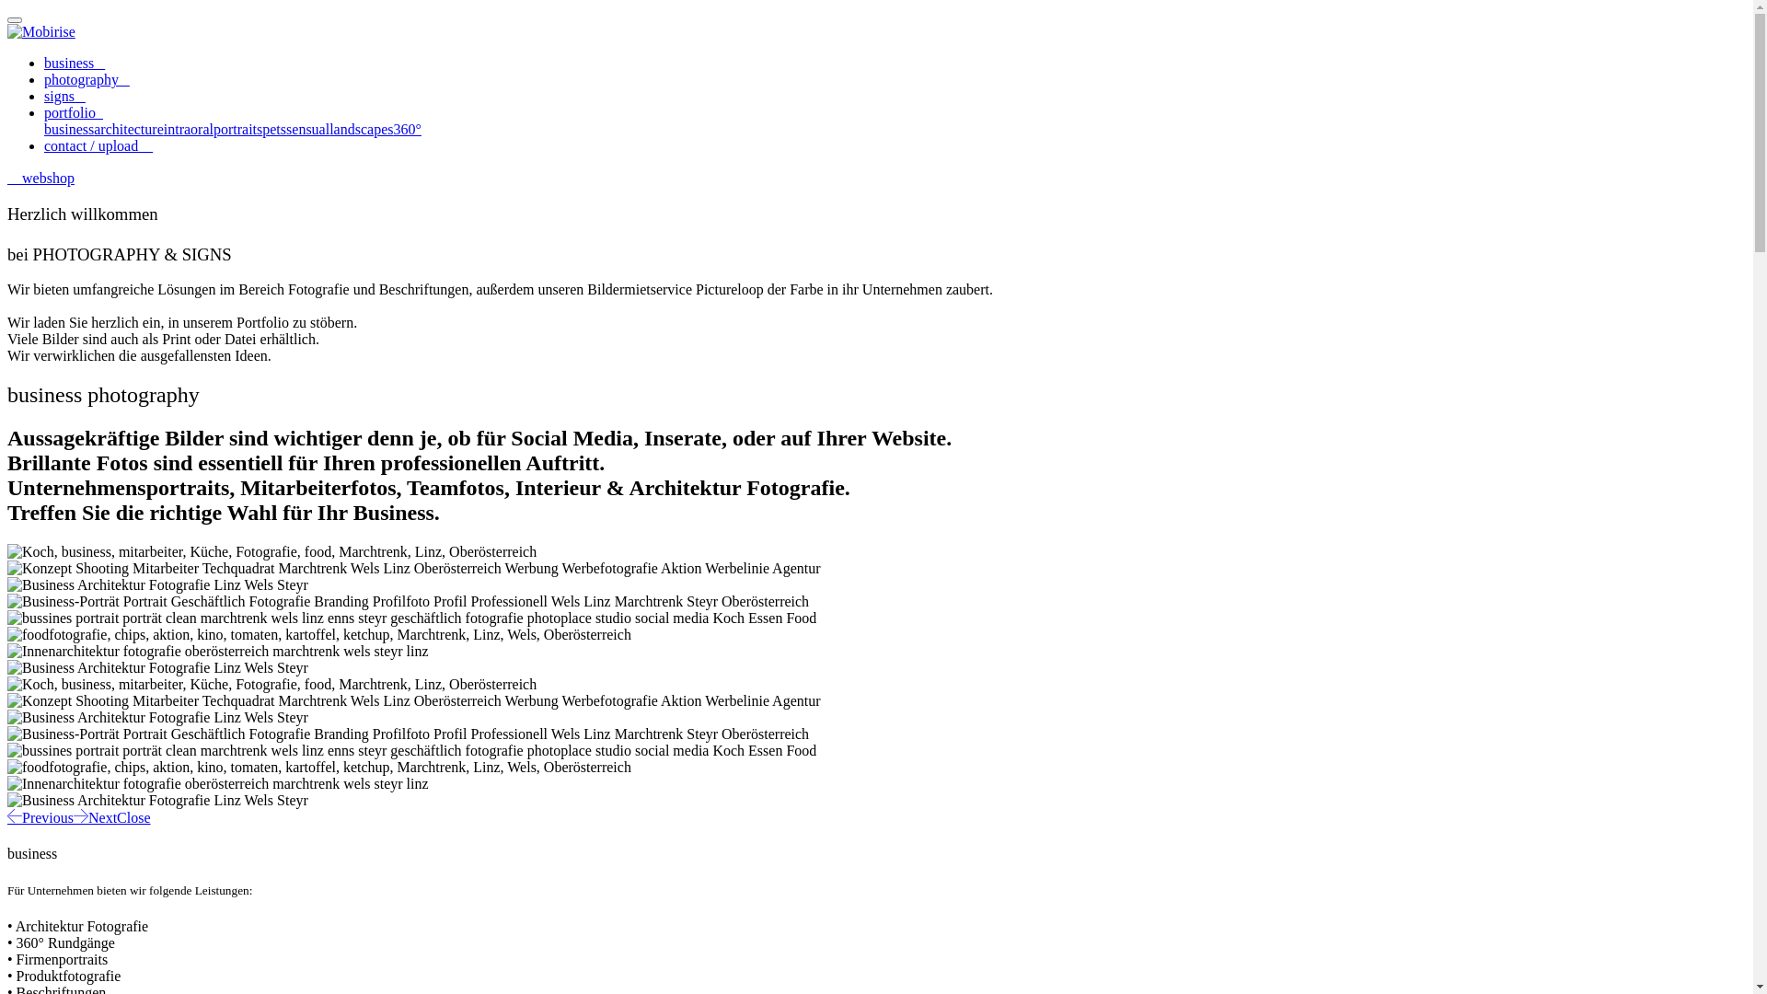  Describe the element at coordinates (237, 128) in the screenshot. I see `'portraits'` at that location.